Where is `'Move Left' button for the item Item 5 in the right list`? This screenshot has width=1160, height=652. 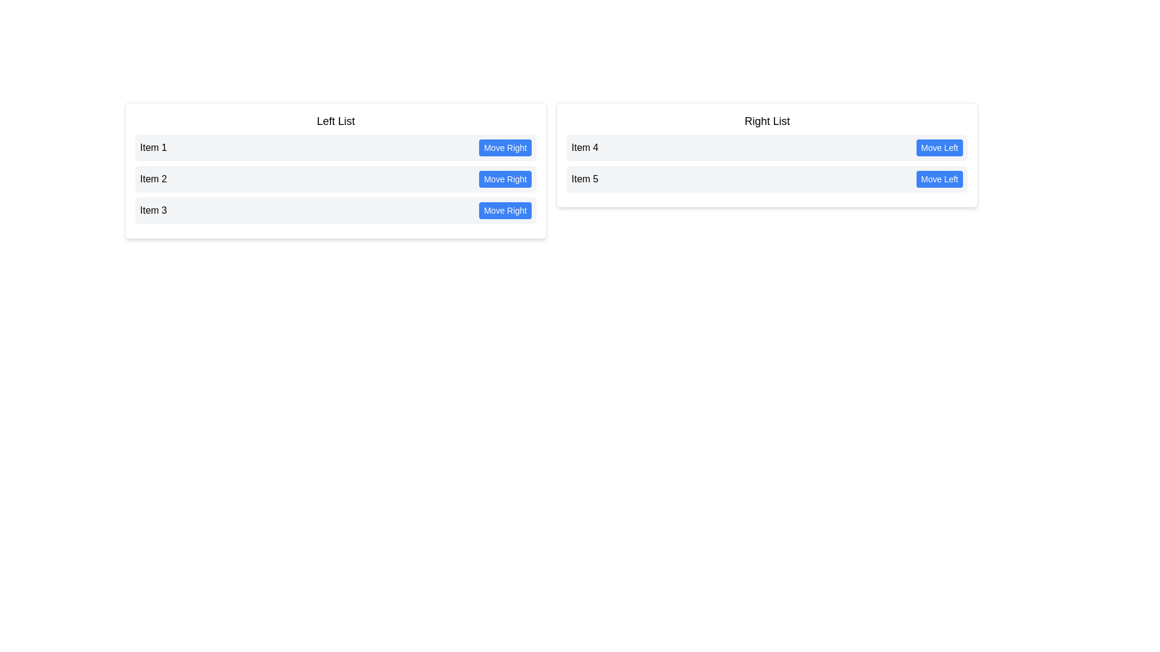 'Move Left' button for the item Item 5 in the right list is located at coordinates (939, 179).